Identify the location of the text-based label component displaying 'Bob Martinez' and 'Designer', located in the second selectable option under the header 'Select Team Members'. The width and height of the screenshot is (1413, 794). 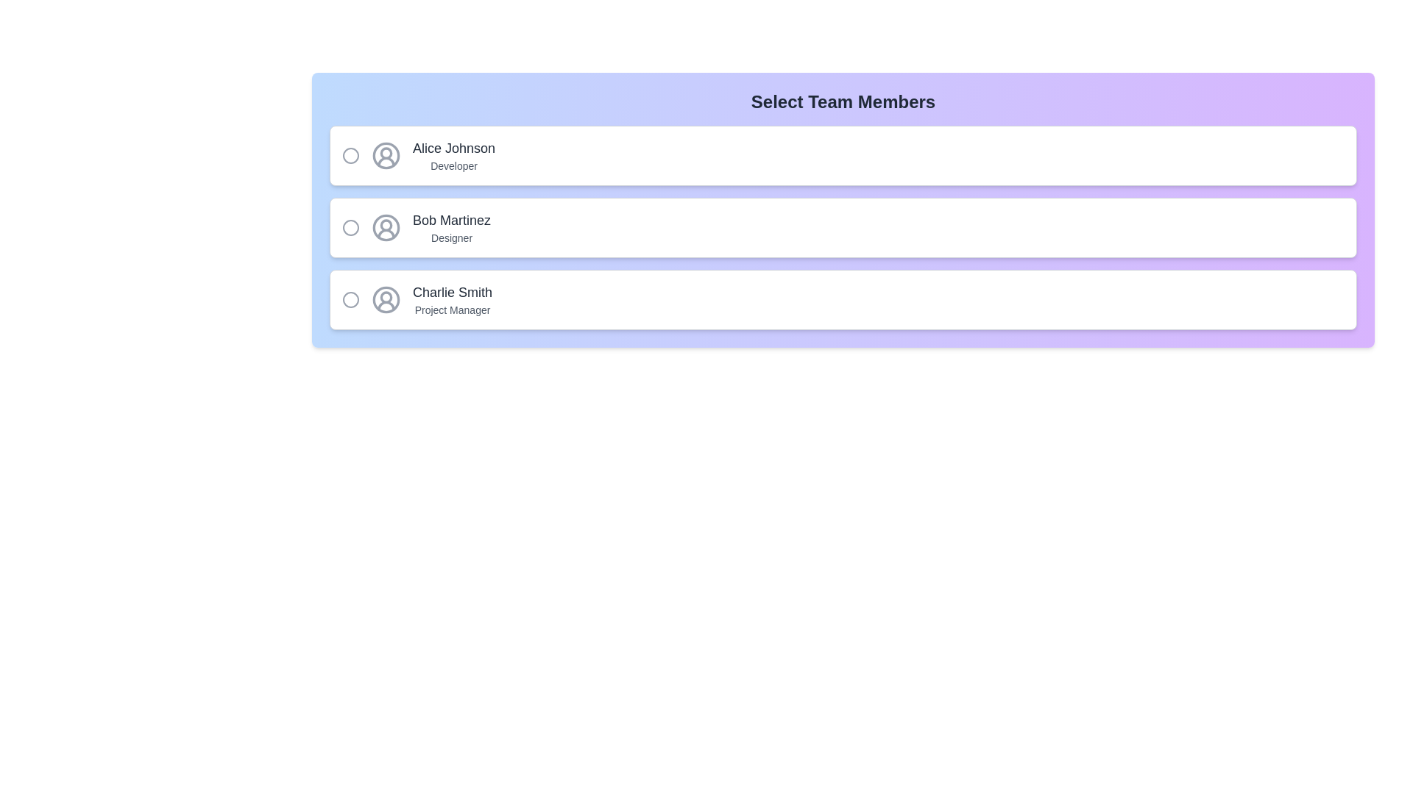
(451, 227).